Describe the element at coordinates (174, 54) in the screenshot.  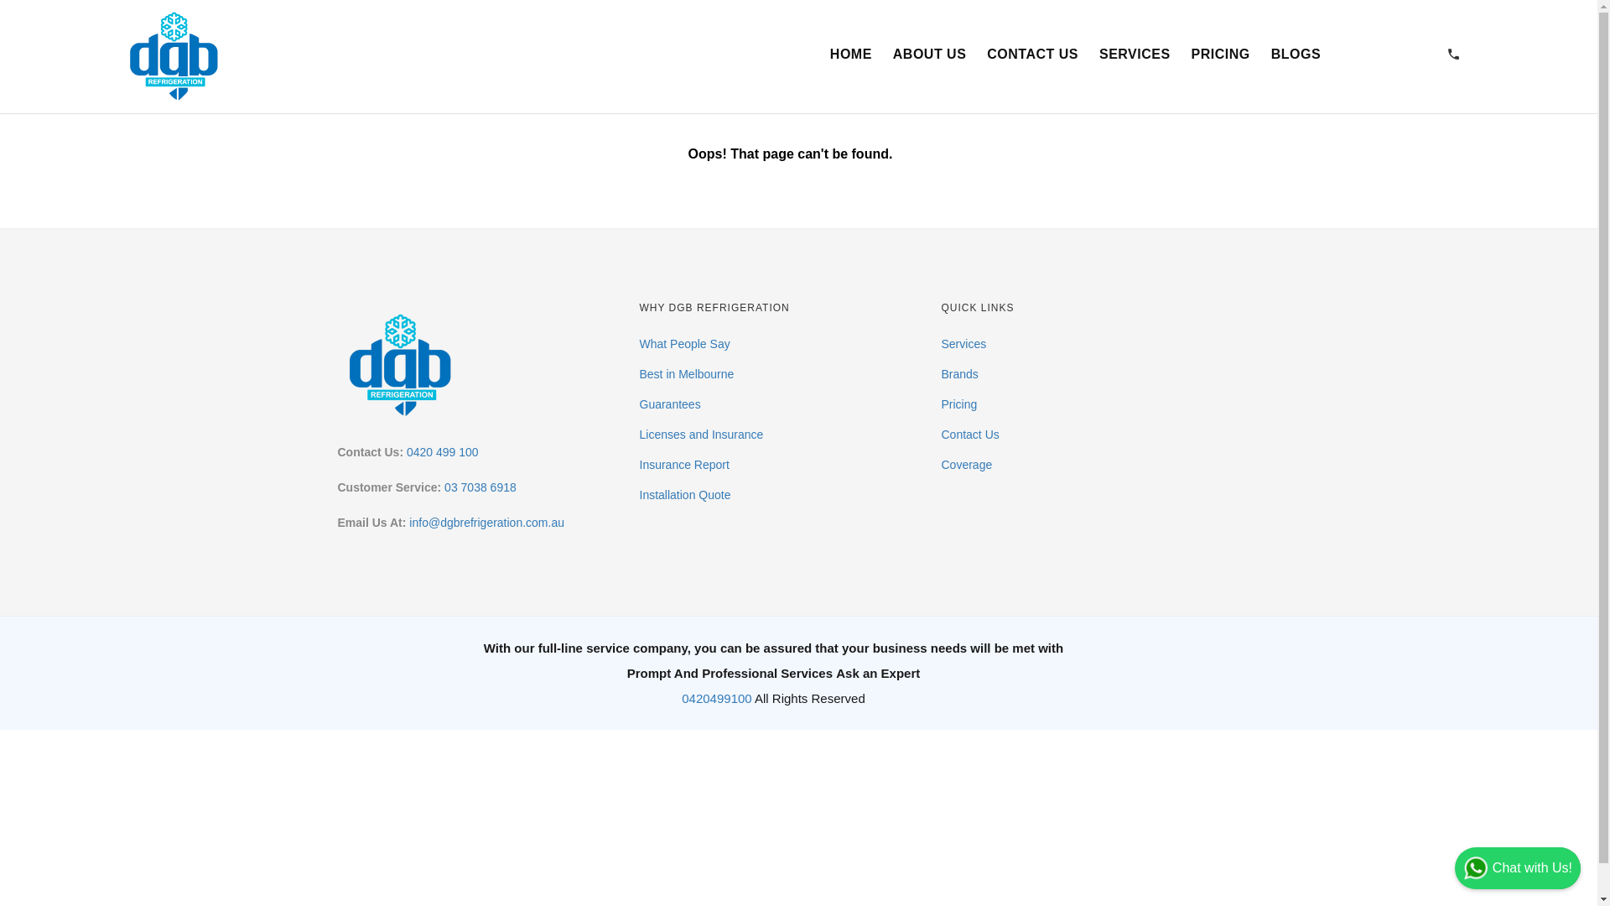
I see `'DGB'` at that location.